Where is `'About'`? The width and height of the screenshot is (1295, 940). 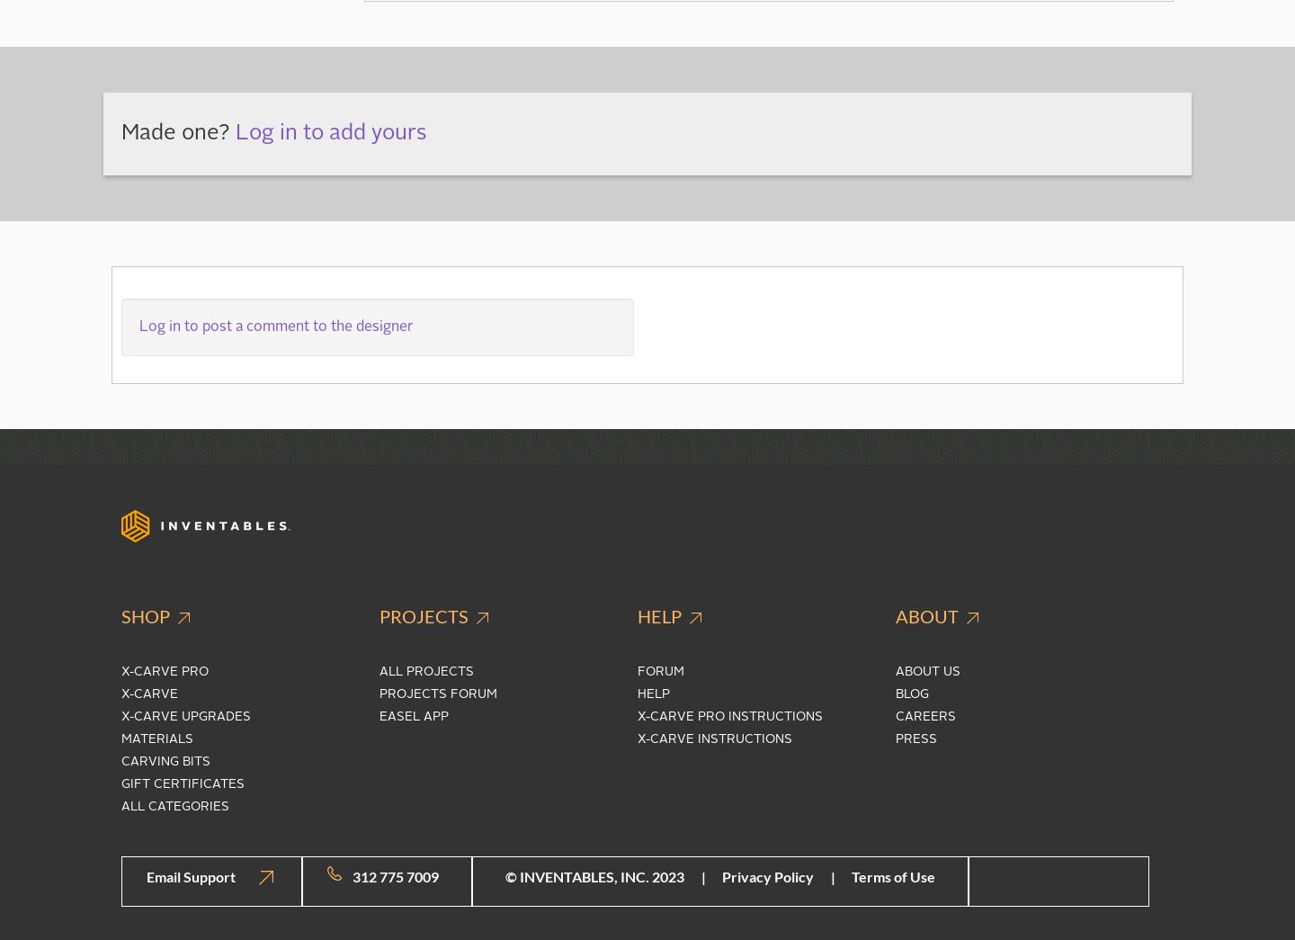 'About' is located at coordinates (929, 614).